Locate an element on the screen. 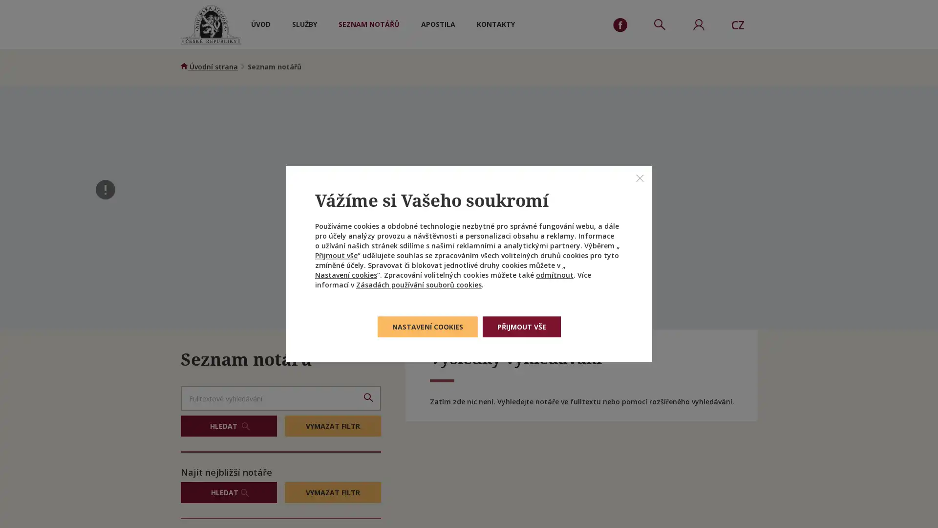 The width and height of the screenshot is (938, 528). Prijmout vse is located at coordinates (520, 327).